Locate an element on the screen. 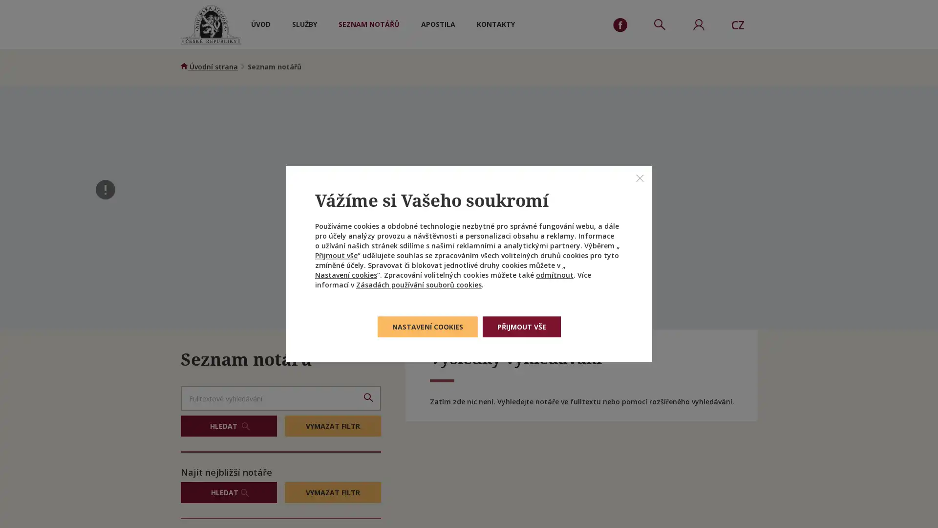 The width and height of the screenshot is (938, 528). Prijmout vse is located at coordinates (520, 327).